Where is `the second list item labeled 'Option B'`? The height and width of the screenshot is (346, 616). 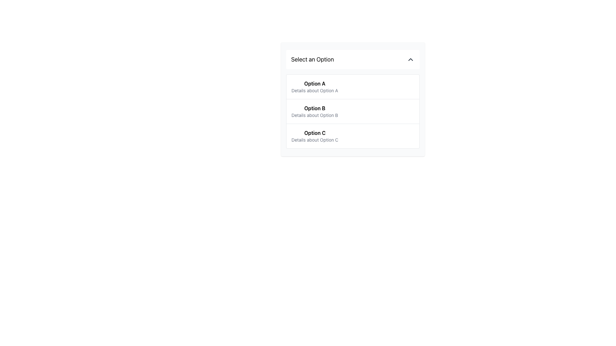
the second list item labeled 'Option B' is located at coordinates (352, 111).